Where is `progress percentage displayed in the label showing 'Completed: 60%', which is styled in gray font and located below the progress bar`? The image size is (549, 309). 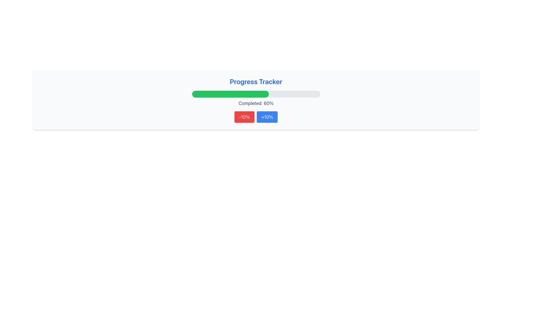 progress percentage displayed in the label showing 'Completed: 60%', which is styled in gray font and located below the progress bar is located at coordinates (256, 103).